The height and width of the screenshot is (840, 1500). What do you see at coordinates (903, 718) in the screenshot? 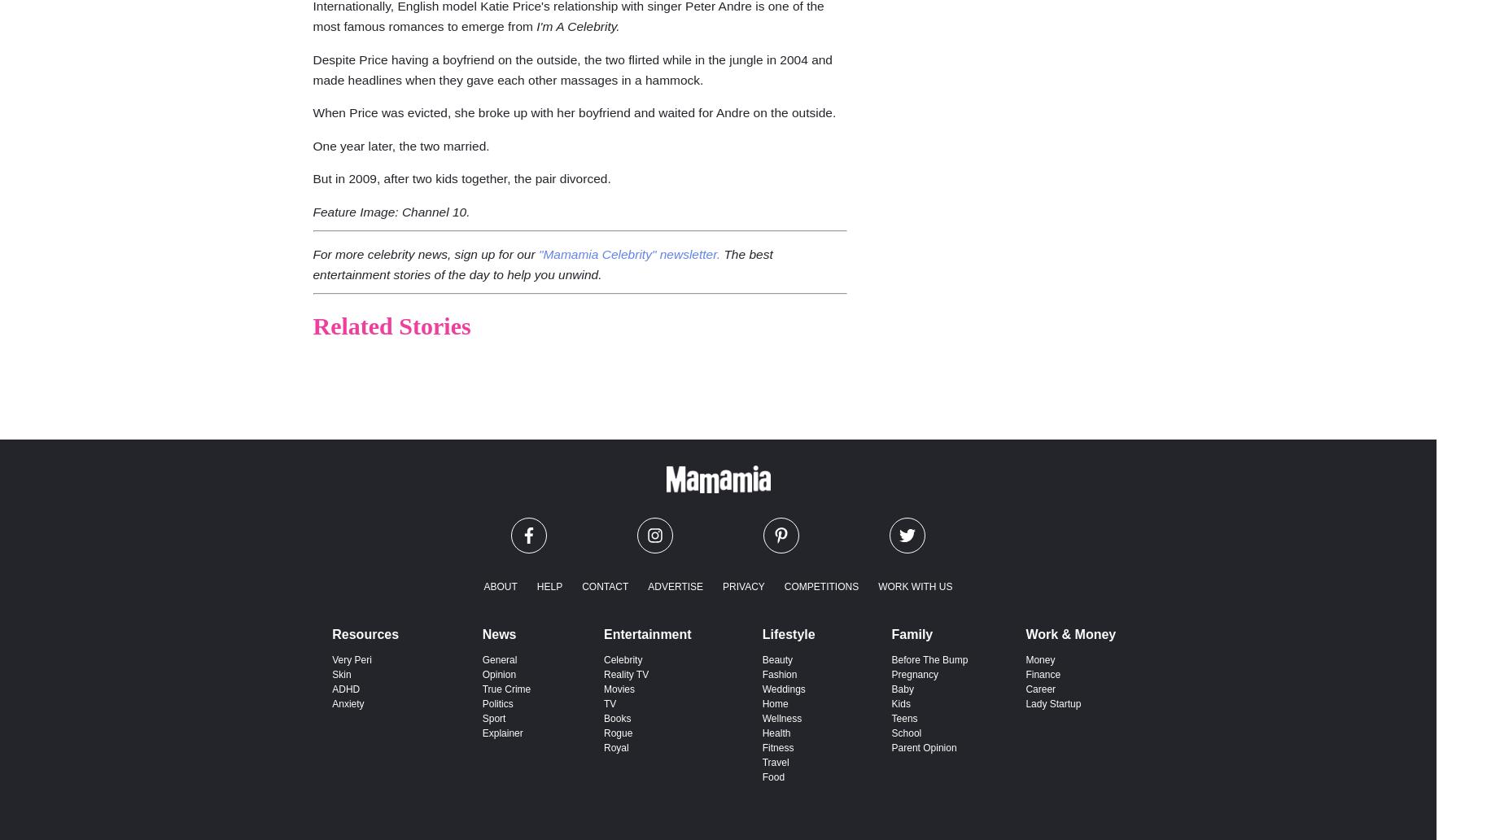
I see `'Teens'` at bounding box center [903, 718].